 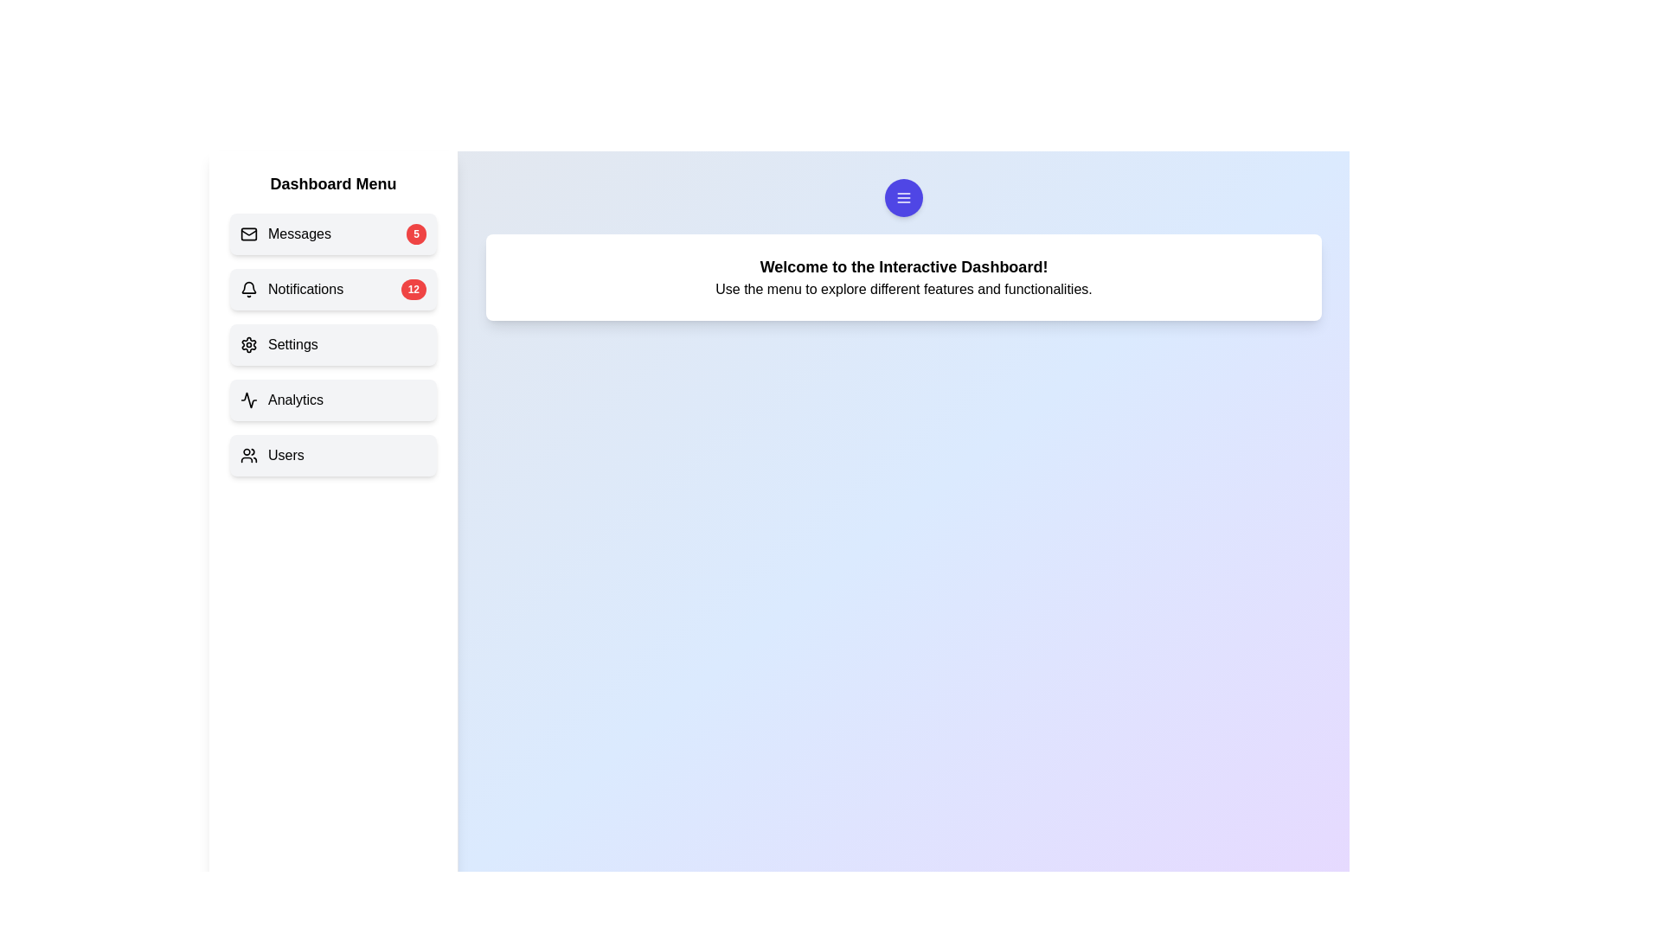 I want to click on the menu item Settings to navigate to its respective section, so click(x=333, y=344).